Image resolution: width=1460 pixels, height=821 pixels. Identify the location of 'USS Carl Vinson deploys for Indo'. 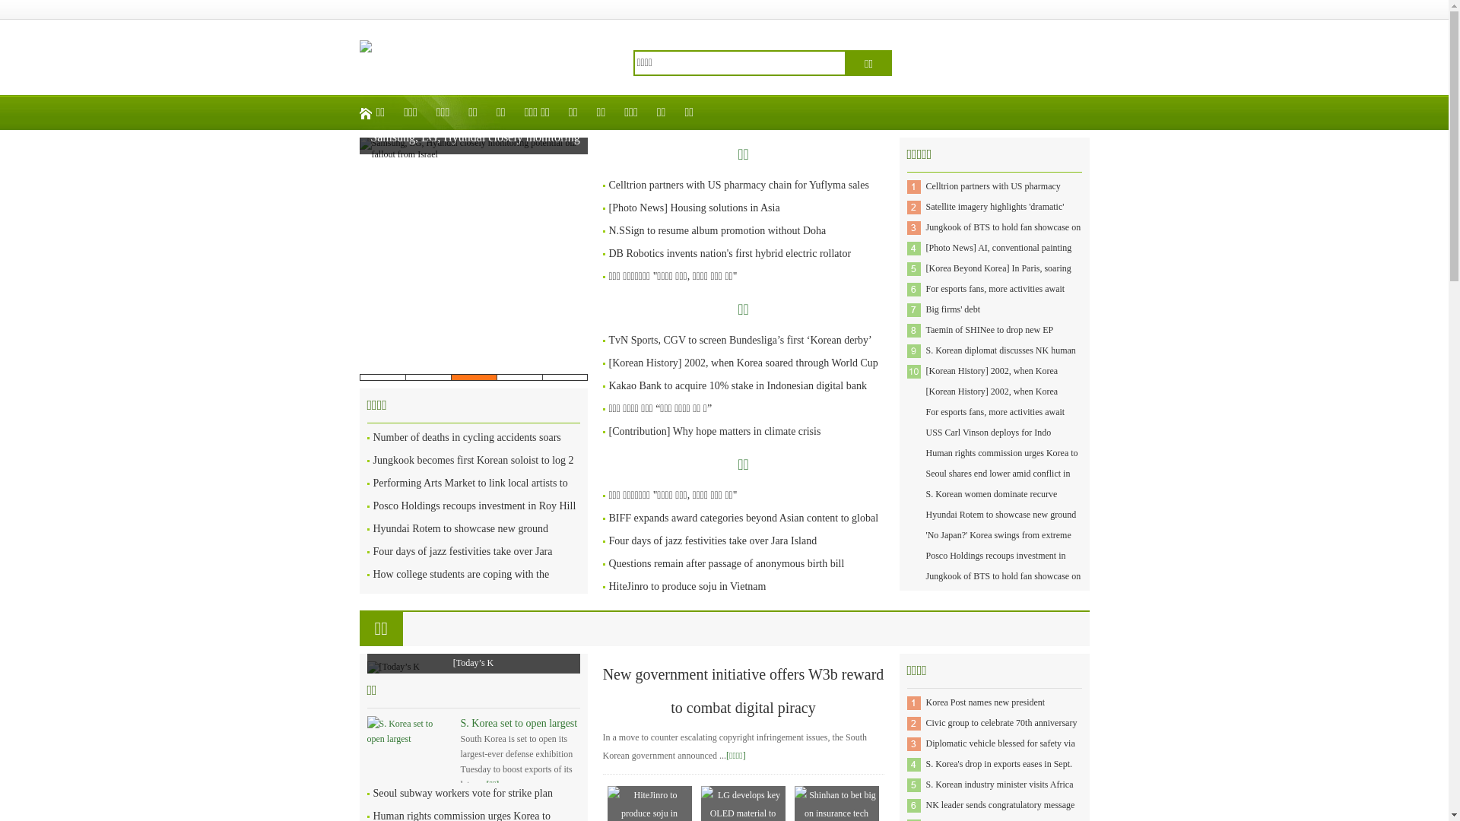
(989, 433).